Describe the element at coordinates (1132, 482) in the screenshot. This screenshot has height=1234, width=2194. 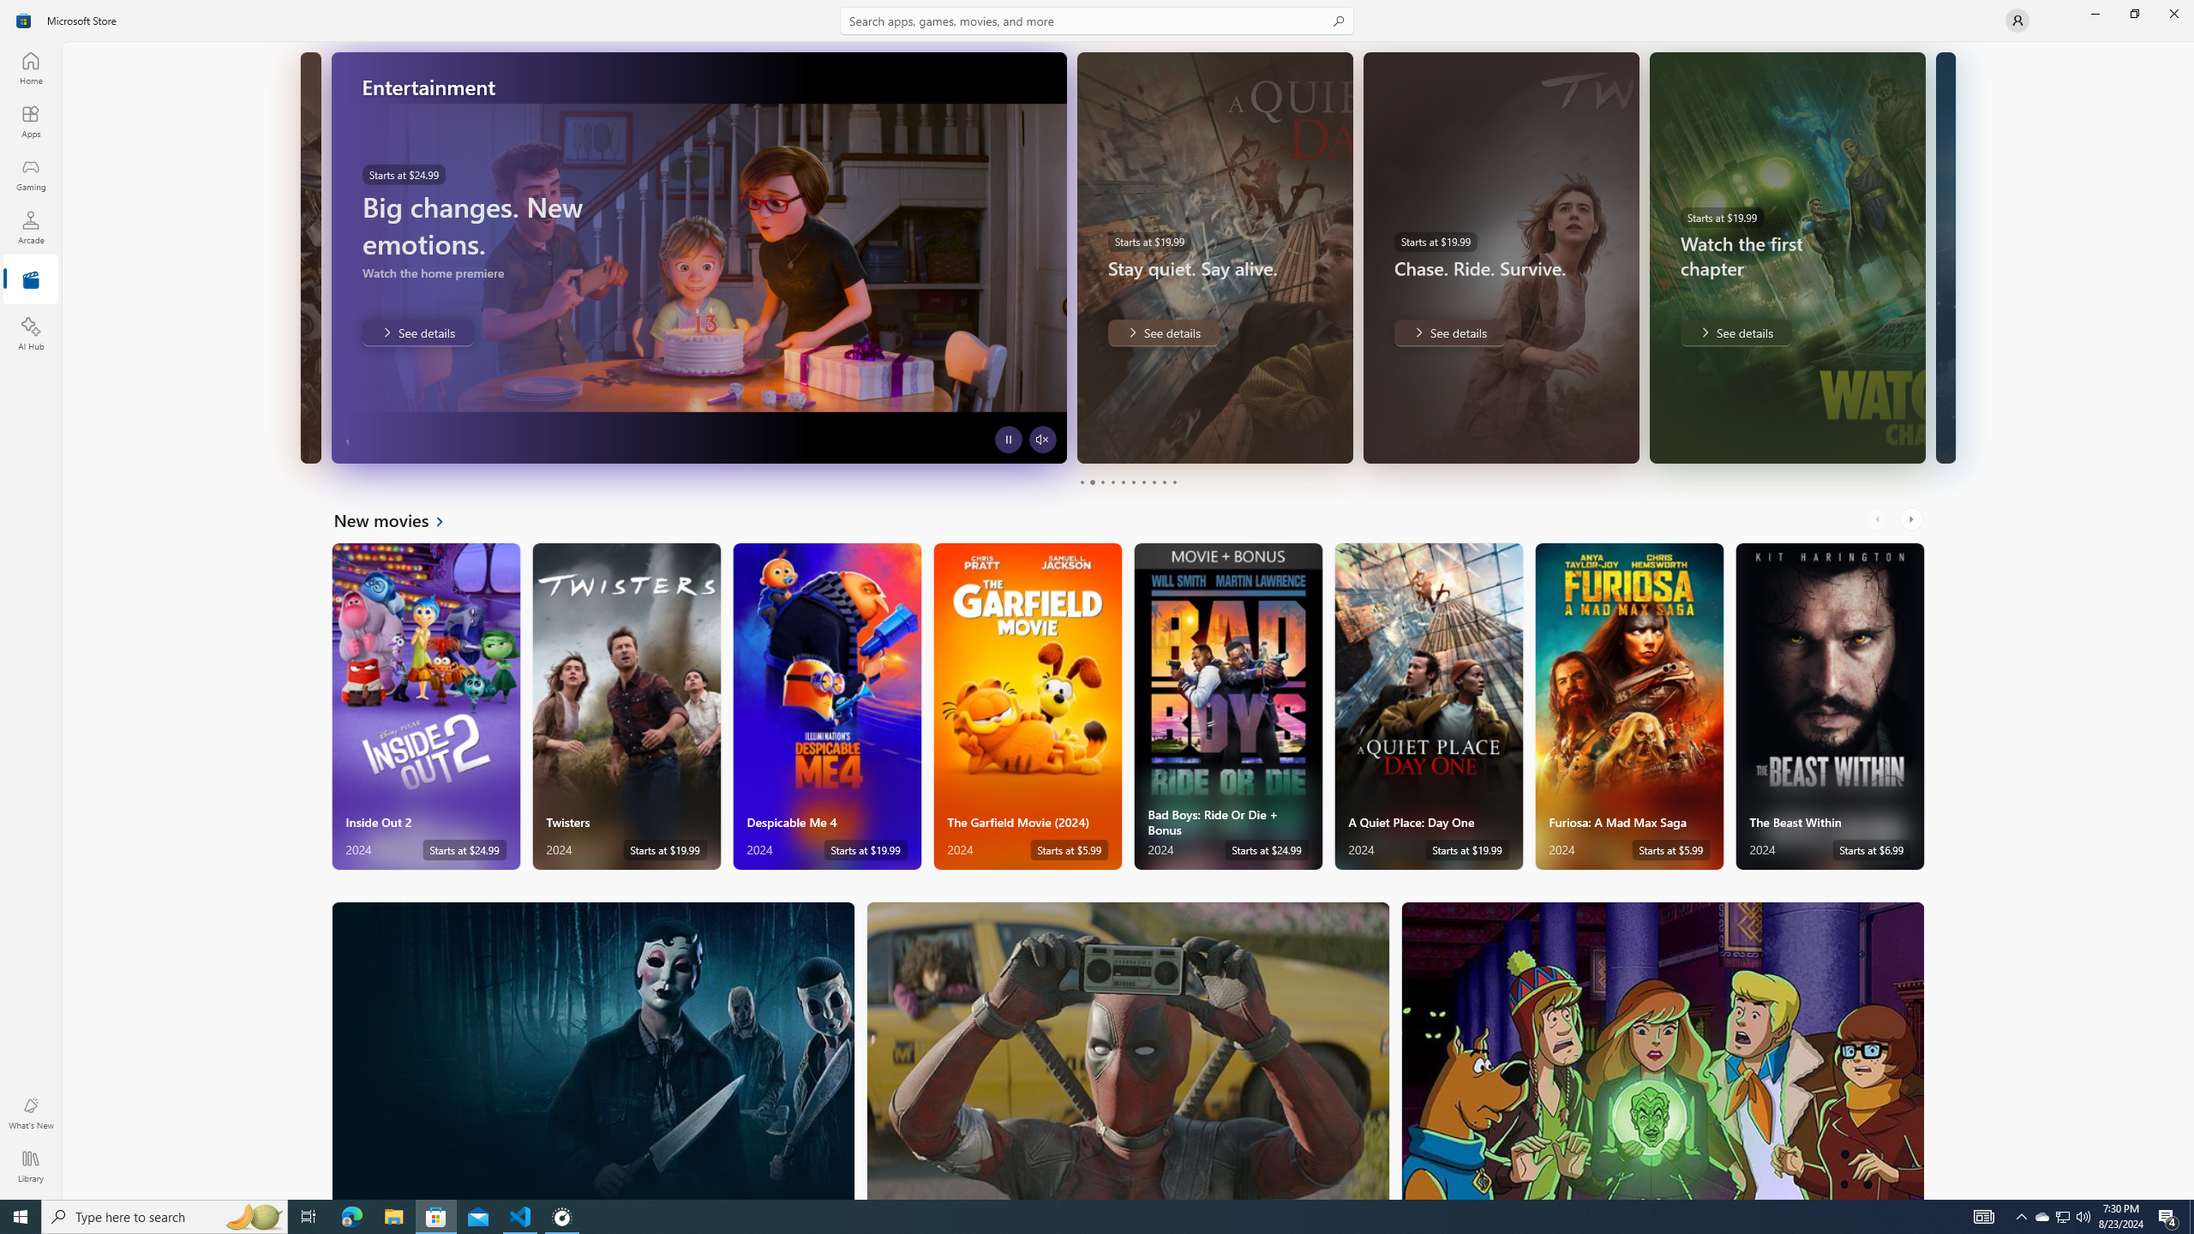
I see `'Page 6'` at that location.